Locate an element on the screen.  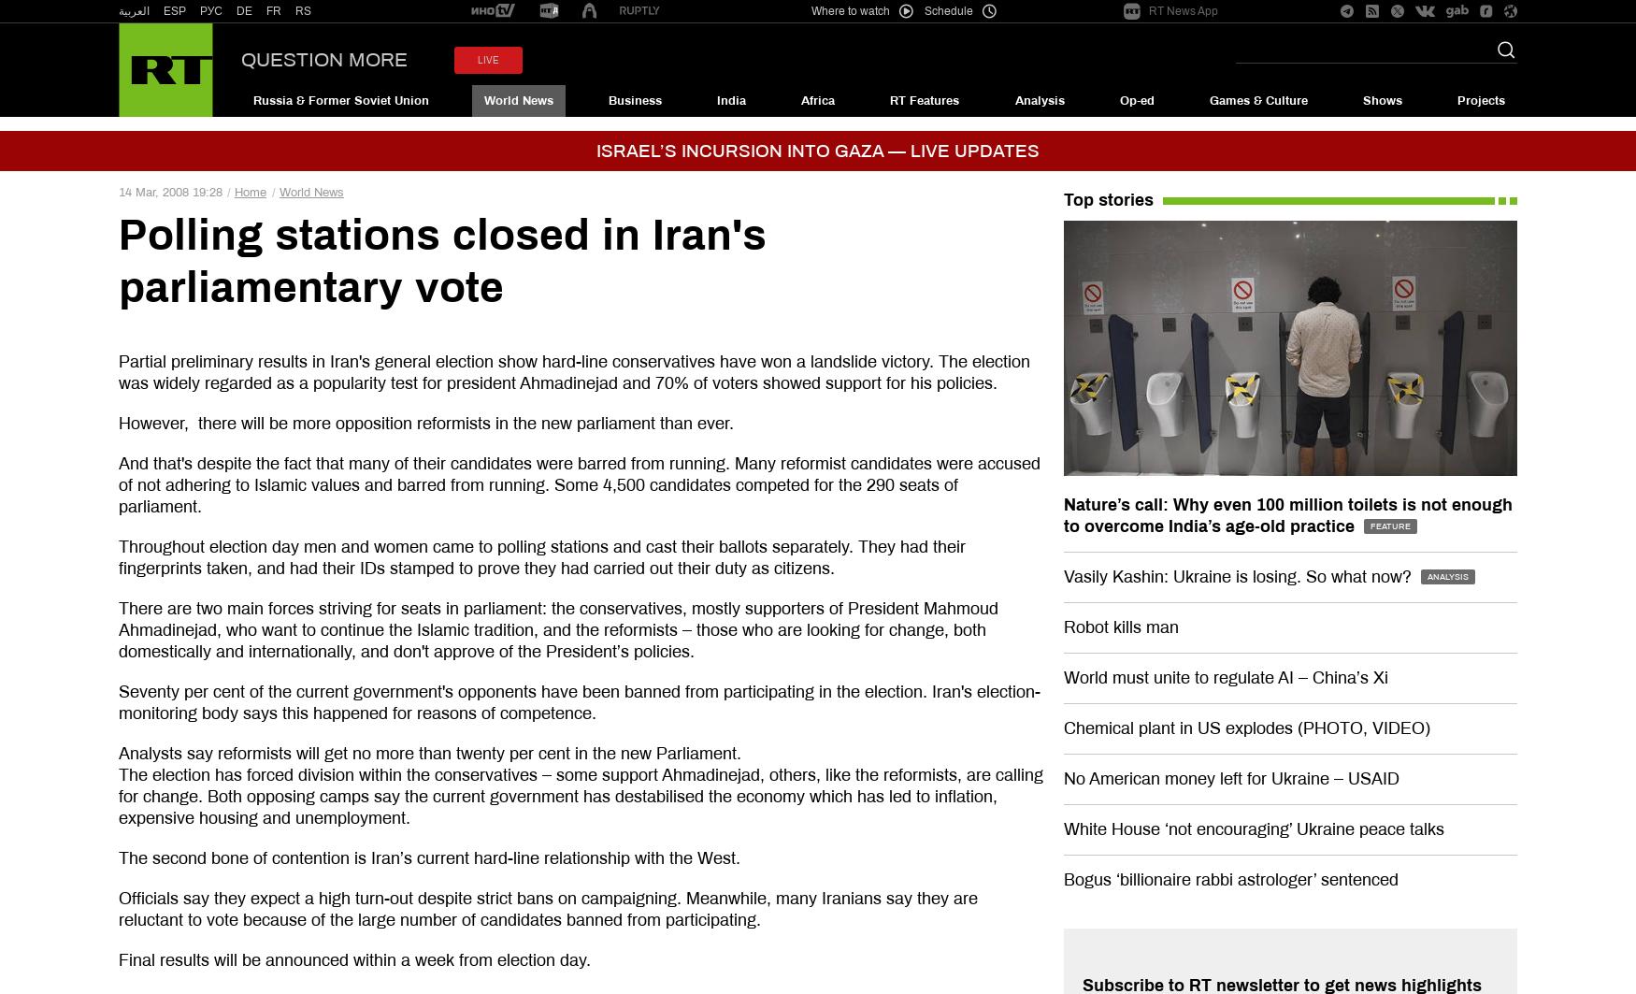
'Throughout election day men and women came to polling stations and cast their ballots separately. They had their fingerprints taken, and had their IDs stamped to prove they had carried out their duty as citizens.' is located at coordinates (541, 556).